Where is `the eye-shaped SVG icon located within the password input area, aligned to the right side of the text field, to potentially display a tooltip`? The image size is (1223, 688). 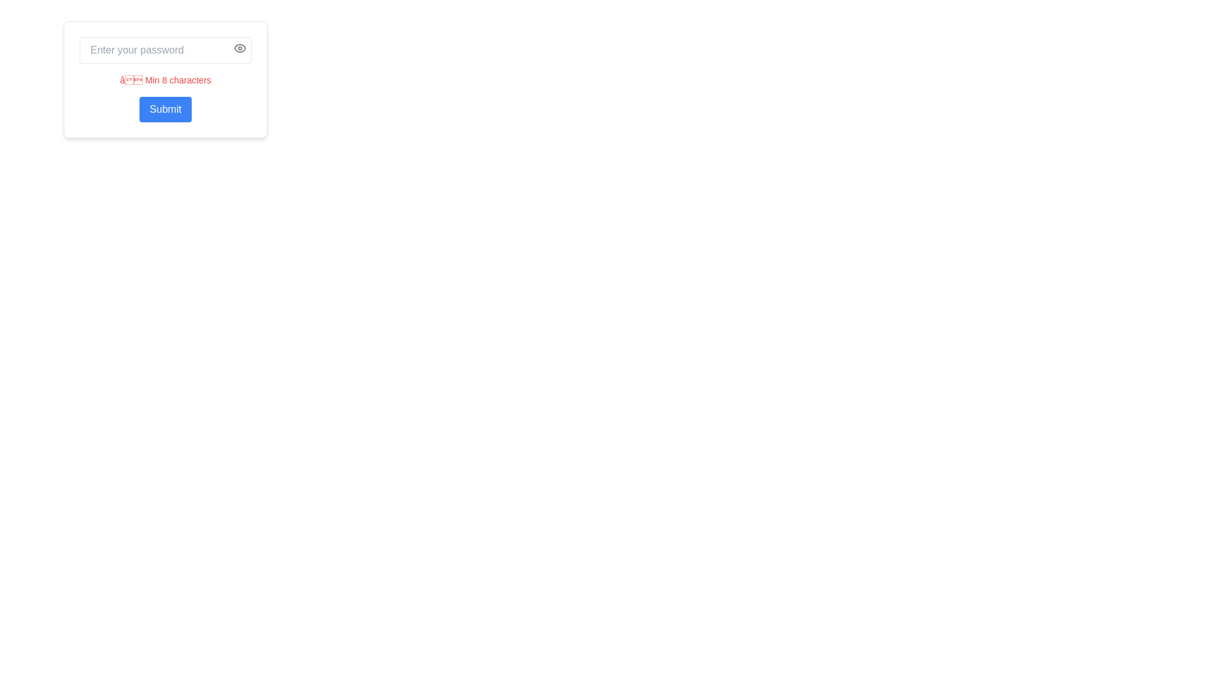 the eye-shaped SVG icon located within the password input area, aligned to the right side of the text field, to potentially display a tooltip is located at coordinates (240, 48).